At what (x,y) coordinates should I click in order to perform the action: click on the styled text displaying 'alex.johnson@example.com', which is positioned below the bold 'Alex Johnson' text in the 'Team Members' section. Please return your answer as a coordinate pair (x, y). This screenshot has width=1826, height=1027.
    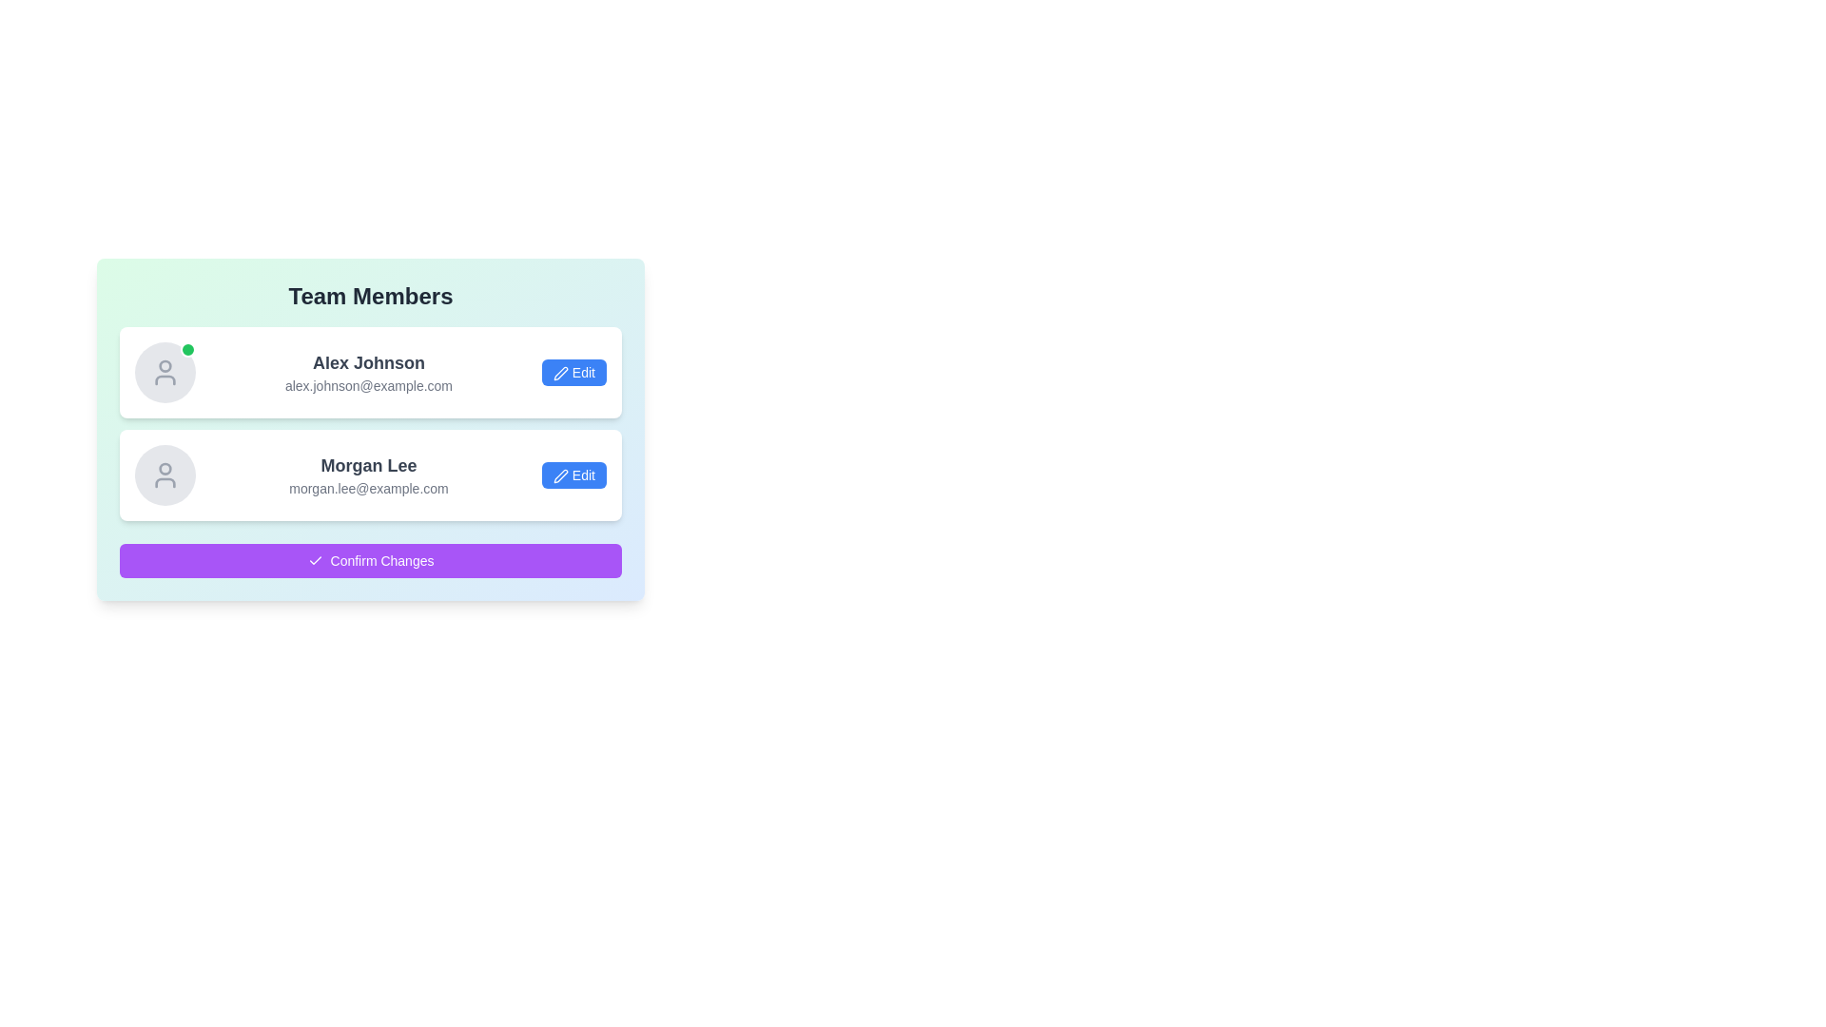
    Looking at the image, I should click on (369, 385).